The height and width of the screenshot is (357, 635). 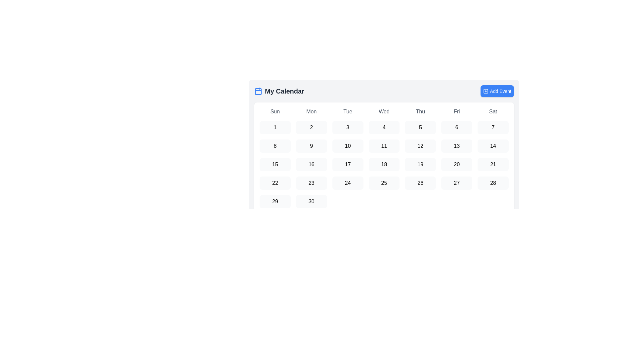 What do you see at coordinates (258, 91) in the screenshot?
I see `the calendar icon located to the left of the 'My Calendar' text in the top header bar of the calendar interface` at bounding box center [258, 91].